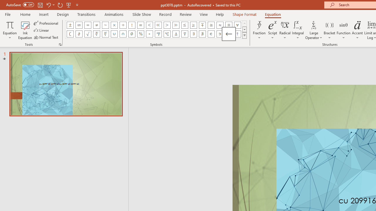 Image resolution: width=376 pixels, height=211 pixels. I want to click on 'Equation Options...', so click(60, 44).